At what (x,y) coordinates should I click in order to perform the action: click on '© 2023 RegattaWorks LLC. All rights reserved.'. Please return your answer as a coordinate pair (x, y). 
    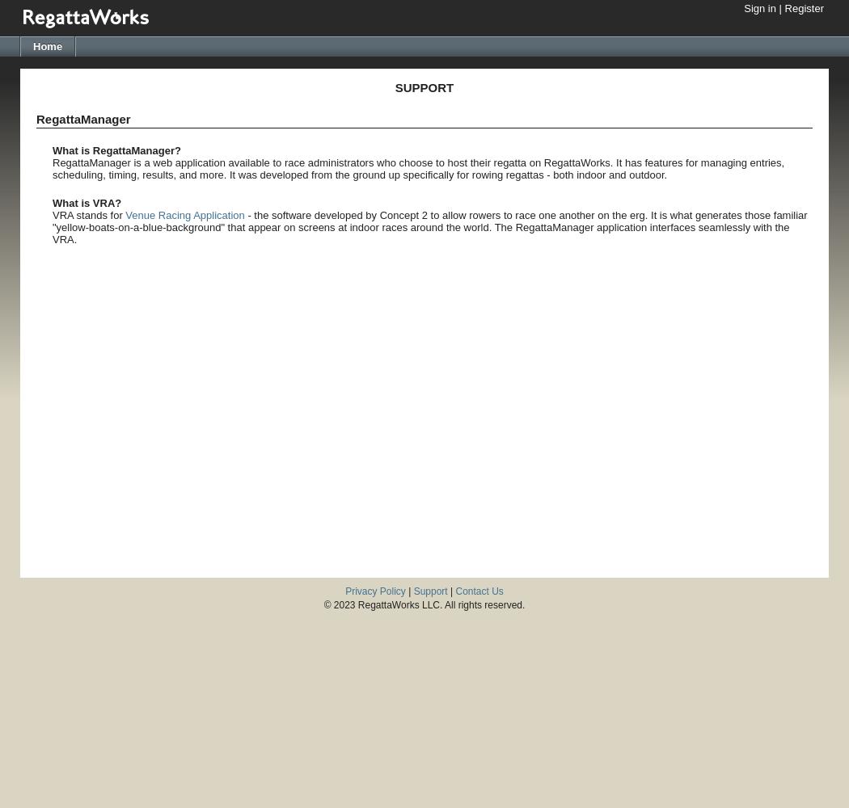
    Looking at the image, I should click on (423, 604).